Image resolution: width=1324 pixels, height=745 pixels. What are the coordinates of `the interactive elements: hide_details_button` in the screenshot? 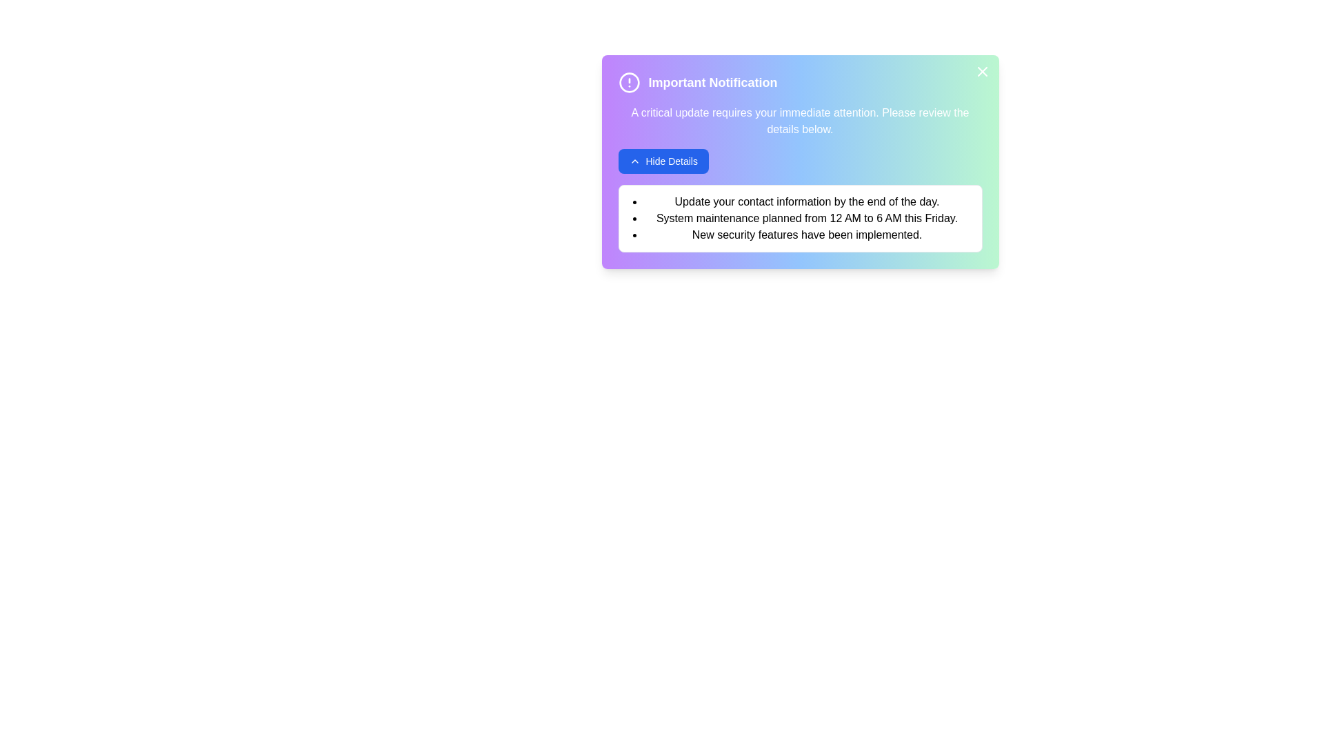 It's located at (663, 161).